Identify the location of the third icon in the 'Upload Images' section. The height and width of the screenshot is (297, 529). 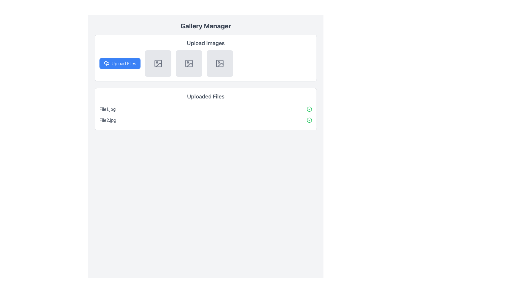
(190, 65).